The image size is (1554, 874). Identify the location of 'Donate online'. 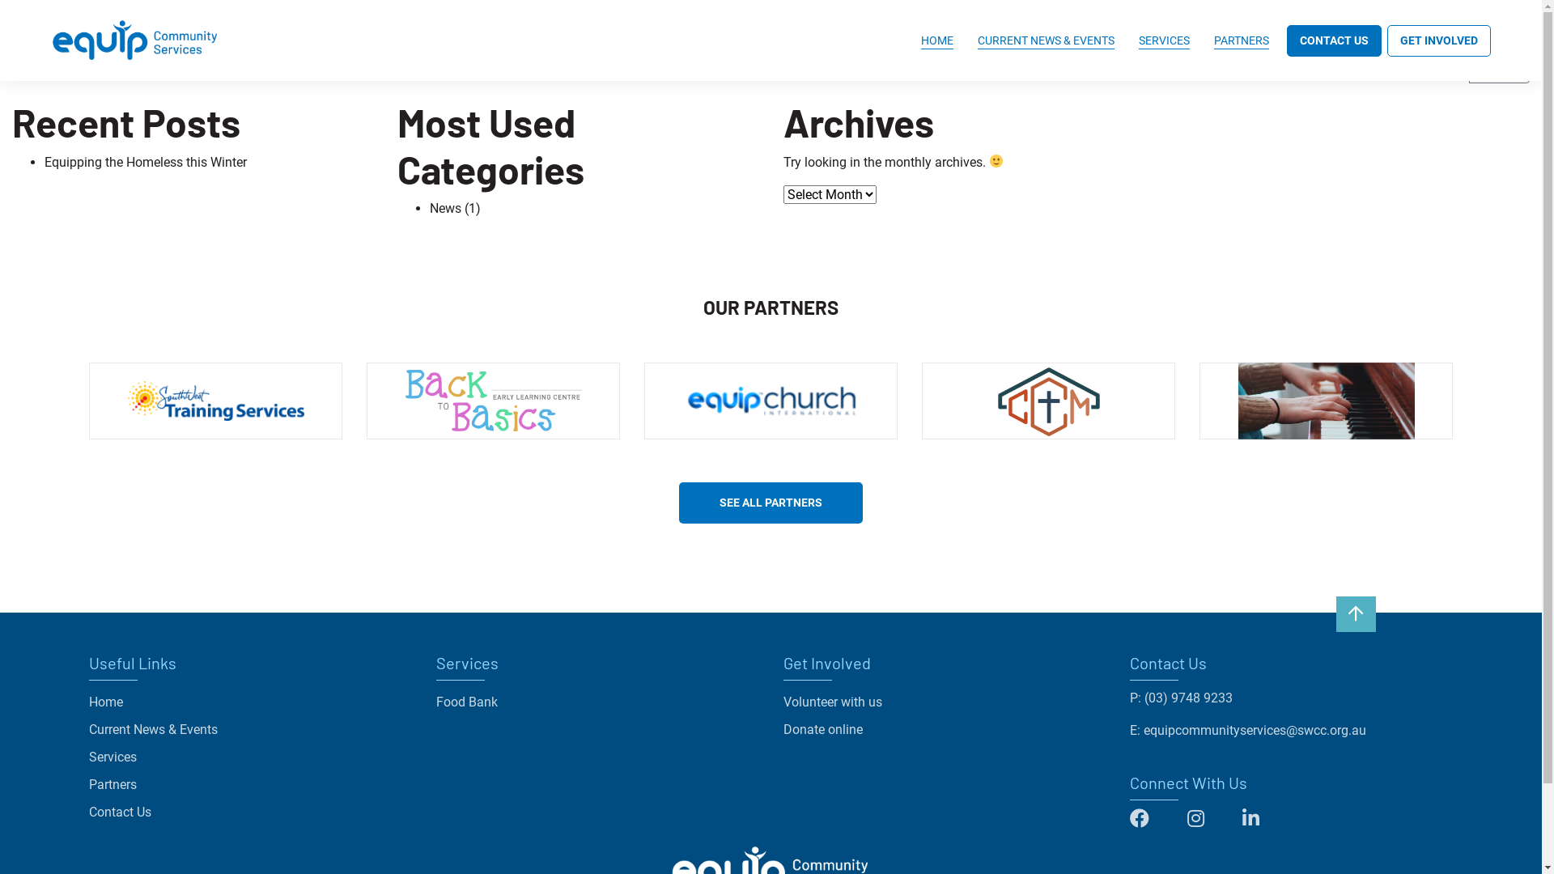
(783, 730).